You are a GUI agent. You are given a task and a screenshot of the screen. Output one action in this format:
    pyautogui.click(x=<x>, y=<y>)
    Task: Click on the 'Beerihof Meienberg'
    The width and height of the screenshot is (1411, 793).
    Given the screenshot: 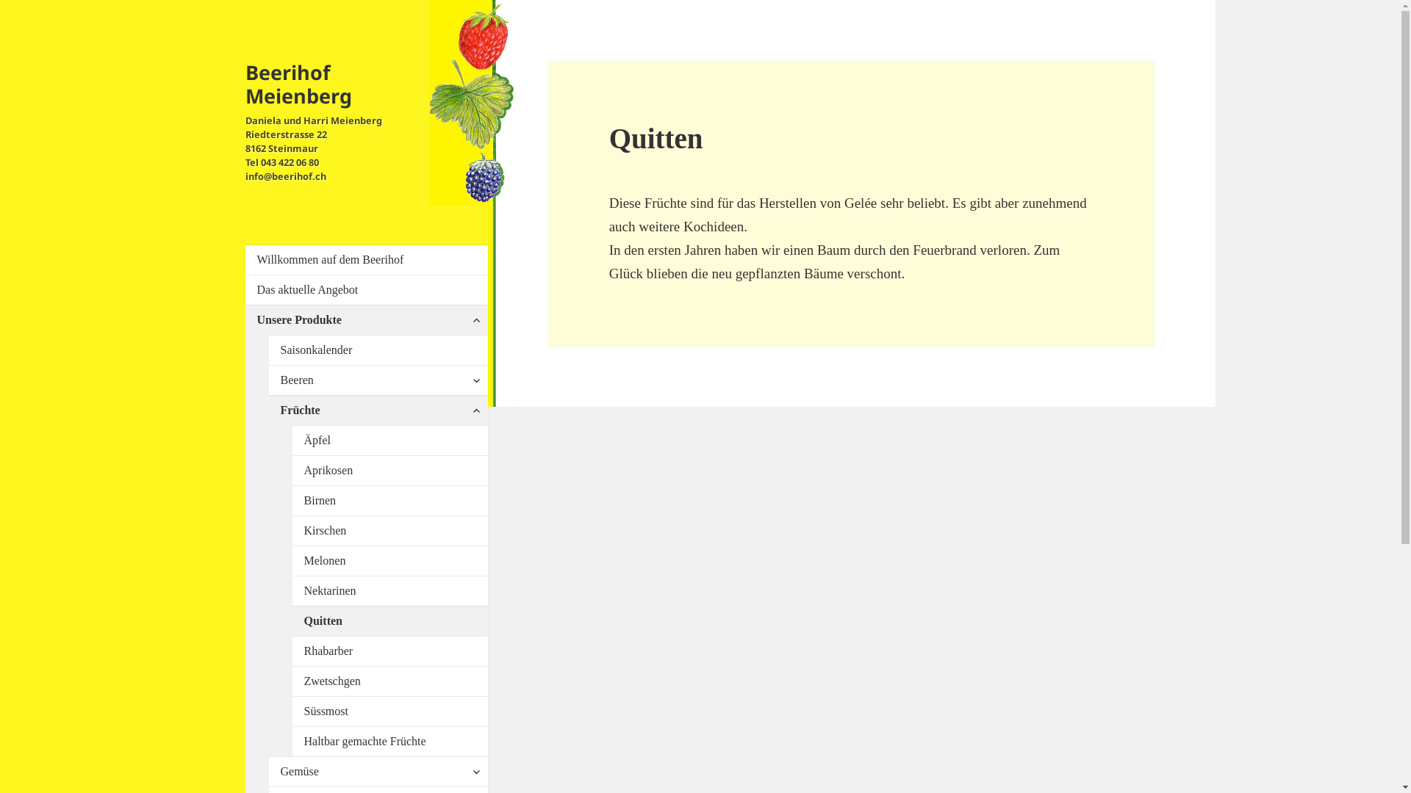 What is the action you would take?
    pyautogui.click(x=245, y=84)
    